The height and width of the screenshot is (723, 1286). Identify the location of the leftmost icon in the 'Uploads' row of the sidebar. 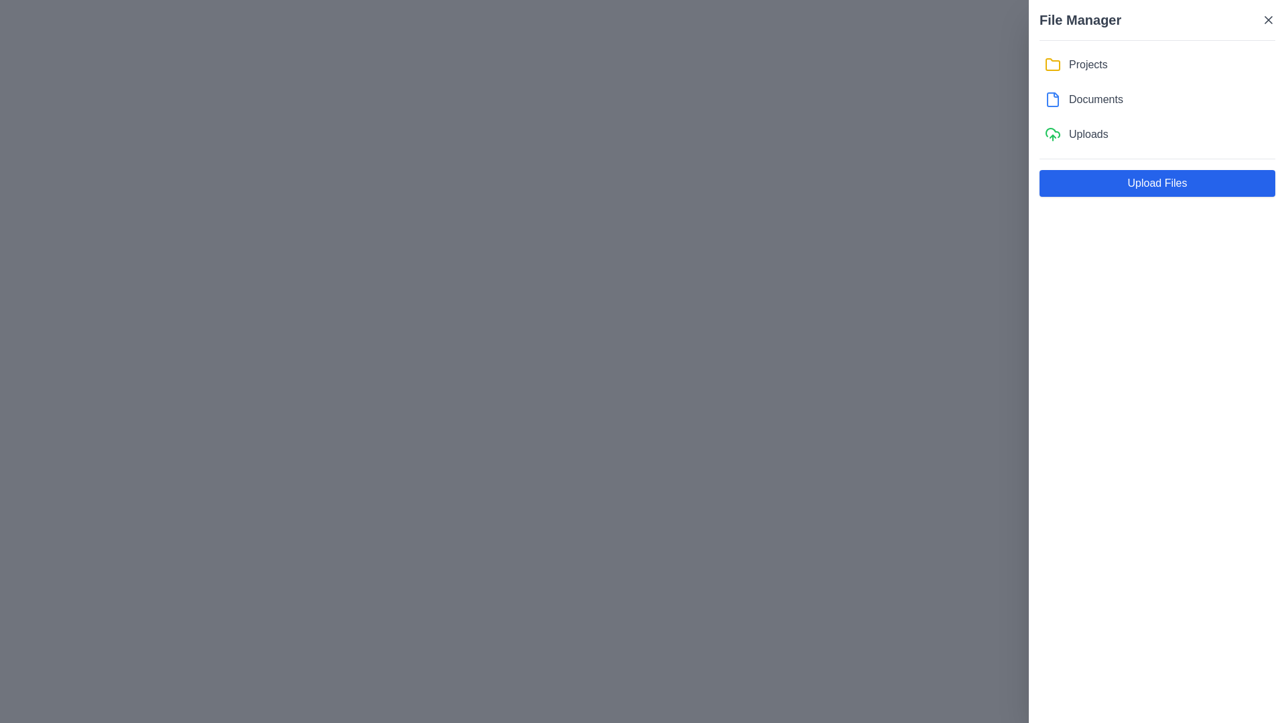
(1052, 134).